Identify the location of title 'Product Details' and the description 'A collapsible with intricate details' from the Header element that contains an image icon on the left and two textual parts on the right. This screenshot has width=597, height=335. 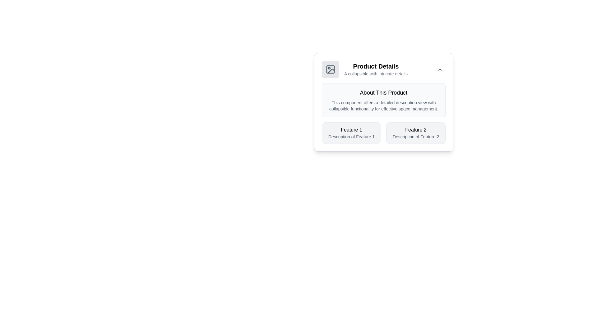
(364, 69).